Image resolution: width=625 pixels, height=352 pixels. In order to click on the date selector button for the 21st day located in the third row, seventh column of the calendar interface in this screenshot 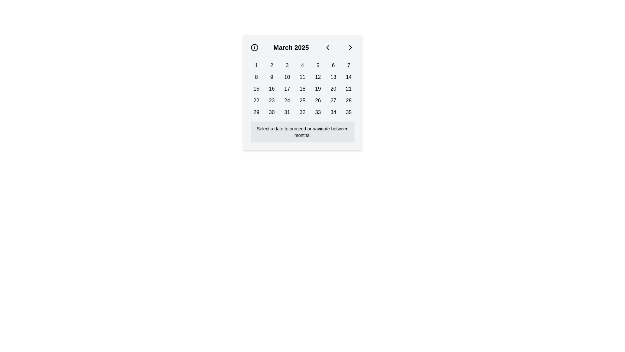, I will do `click(348, 89)`.